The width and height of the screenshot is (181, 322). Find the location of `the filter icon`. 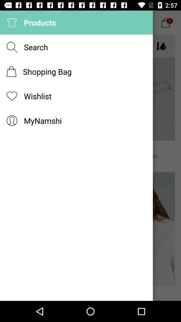

the filter icon is located at coordinates (162, 46).